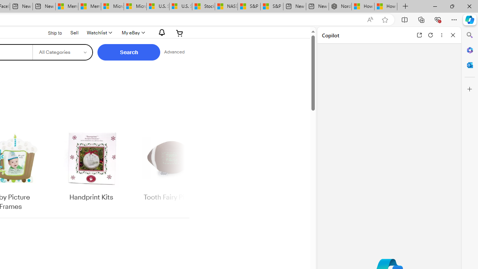 The width and height of the screenshot is (478, 269). I want to click on 'Open link in new tab', so click(419, 35).